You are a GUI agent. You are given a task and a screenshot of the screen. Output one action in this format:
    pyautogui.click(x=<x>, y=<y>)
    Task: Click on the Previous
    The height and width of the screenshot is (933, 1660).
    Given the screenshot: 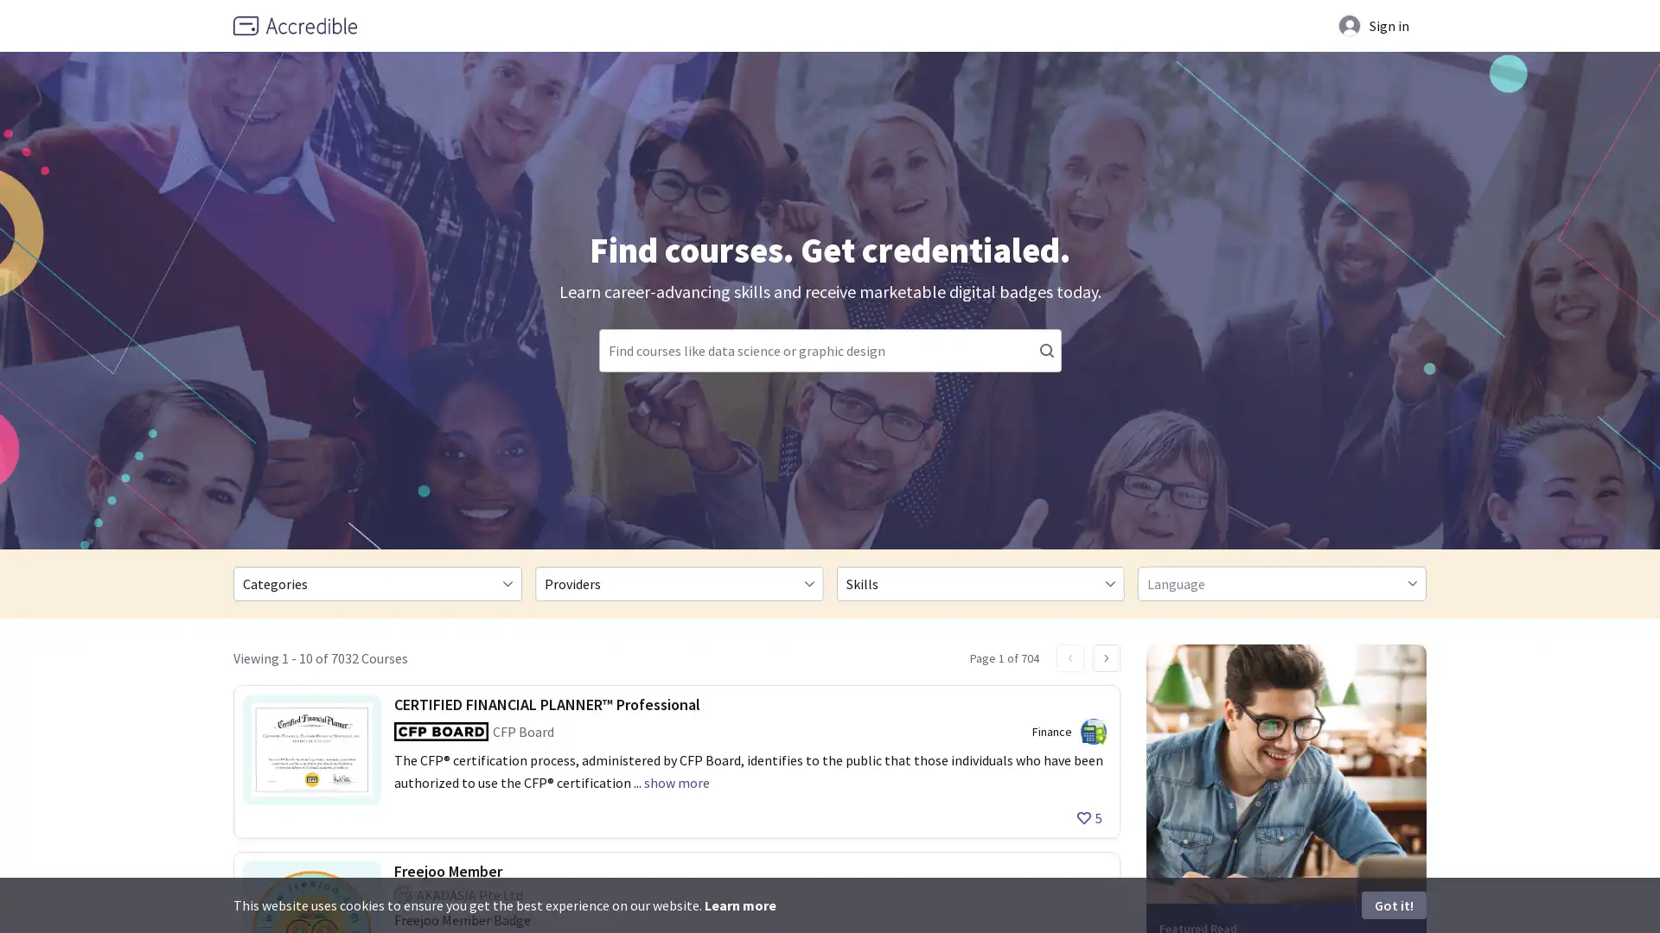 What is the action you would take?
    pyautogui.click(x=1069, y=658)
    